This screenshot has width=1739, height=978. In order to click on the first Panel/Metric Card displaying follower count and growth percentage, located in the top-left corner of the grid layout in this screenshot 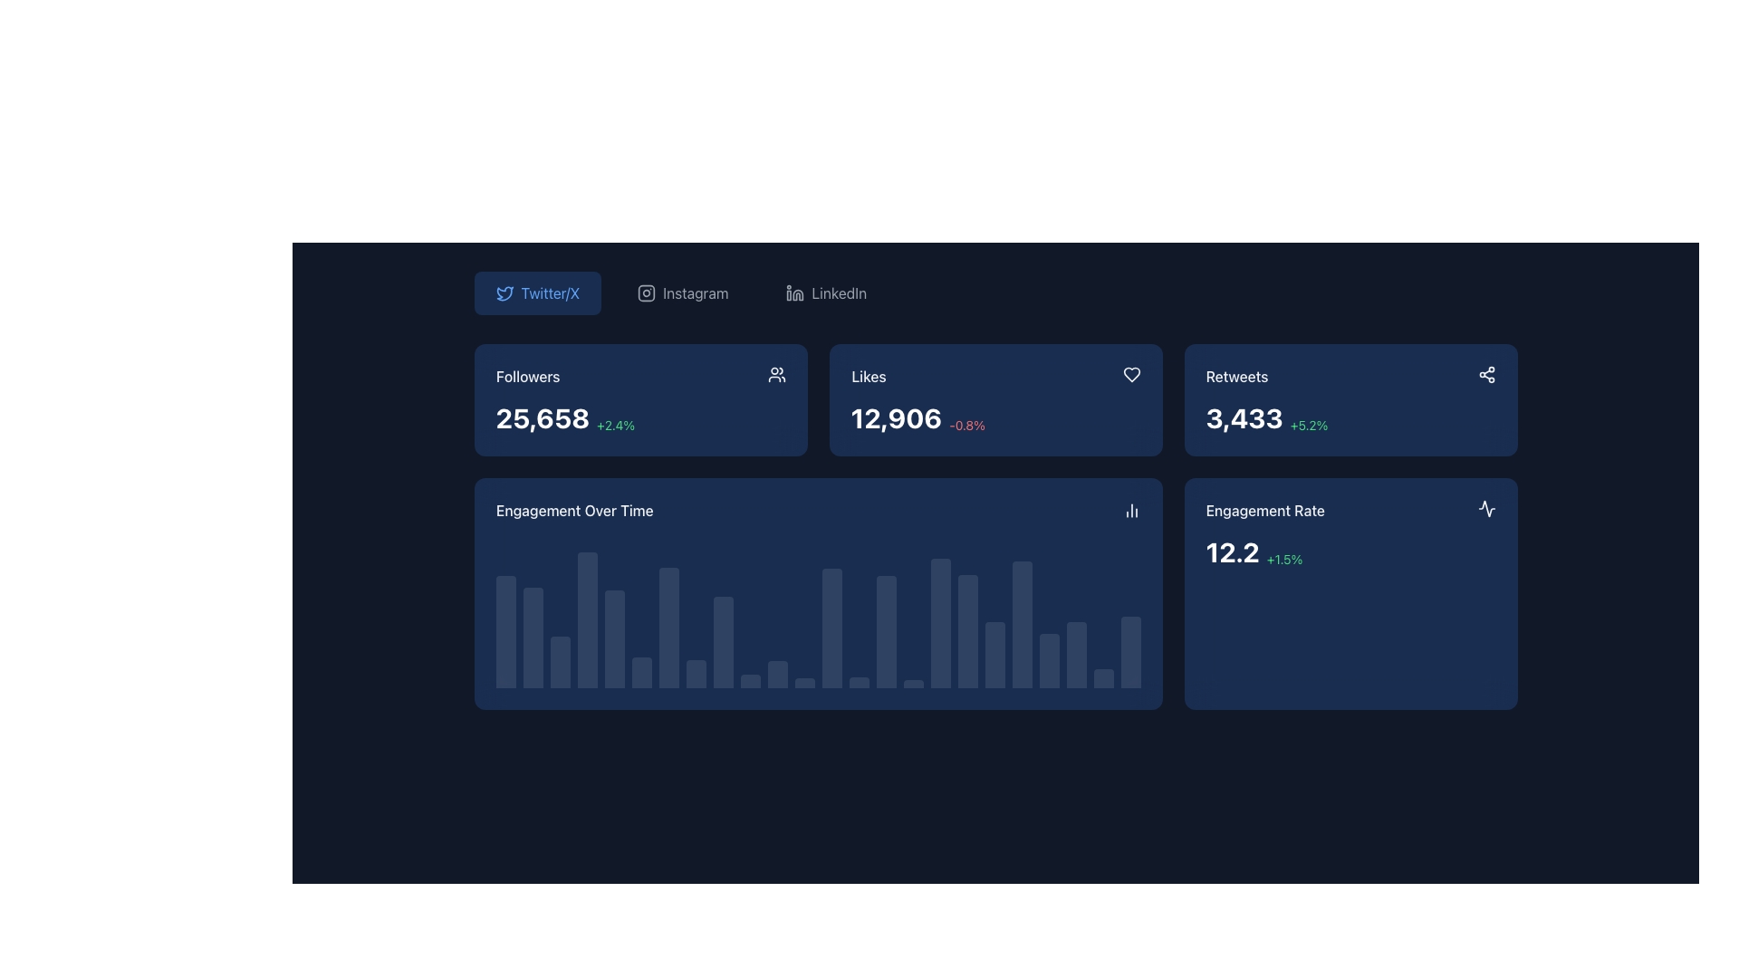, I will do `click(640, 399)`.